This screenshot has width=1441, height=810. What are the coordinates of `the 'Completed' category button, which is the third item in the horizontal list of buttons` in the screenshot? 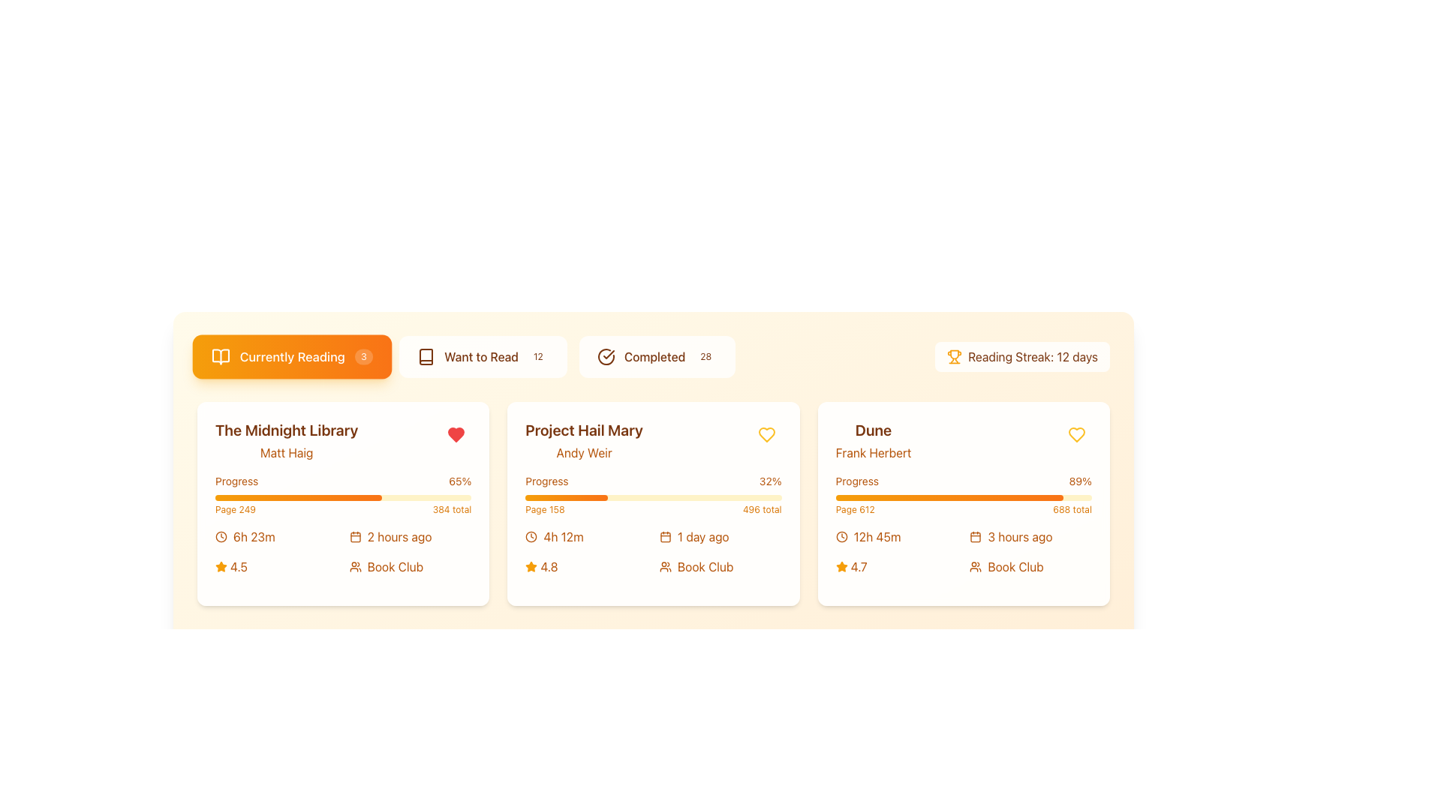 It's located at (657, 356).